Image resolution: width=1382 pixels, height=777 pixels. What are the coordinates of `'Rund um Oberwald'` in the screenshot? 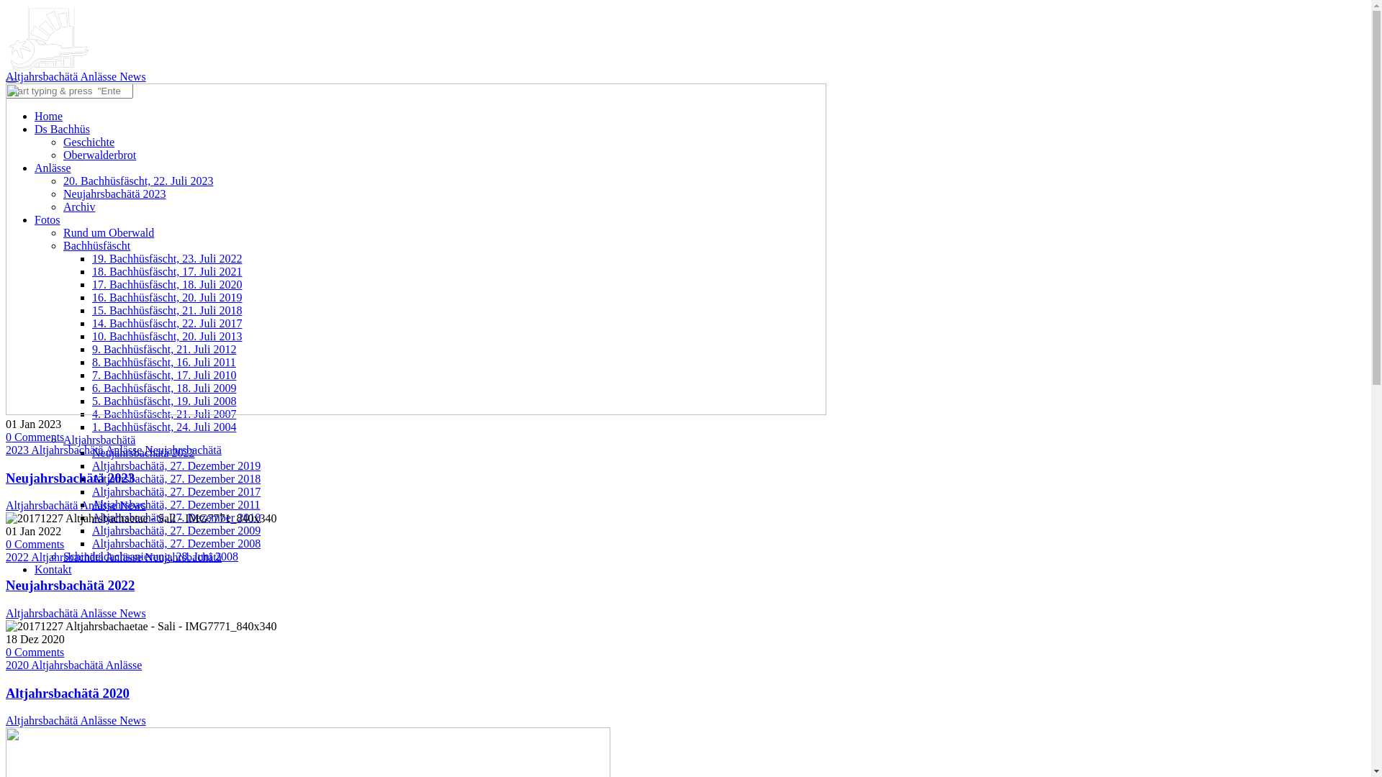 It's located at (107, 232).